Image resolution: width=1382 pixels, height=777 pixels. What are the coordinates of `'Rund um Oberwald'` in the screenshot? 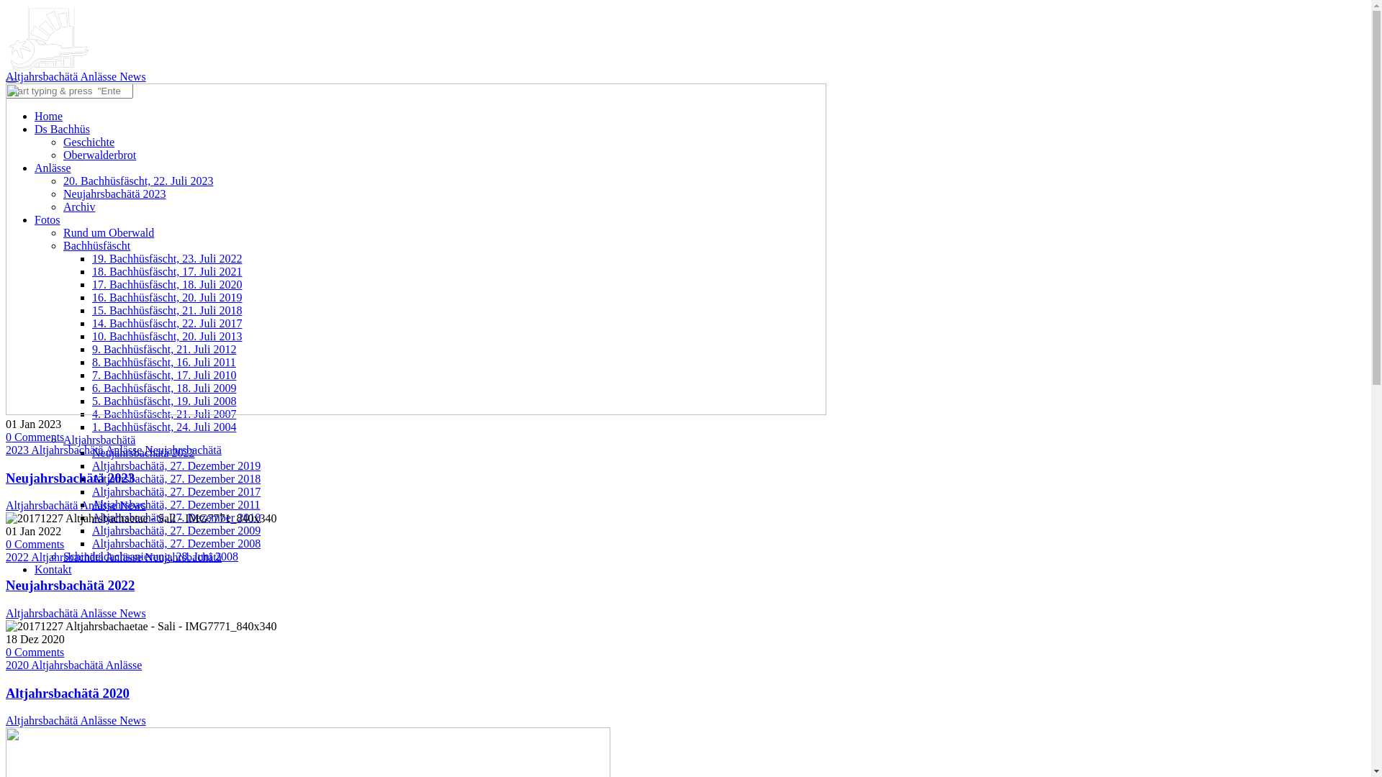 It's located at (107, 232).